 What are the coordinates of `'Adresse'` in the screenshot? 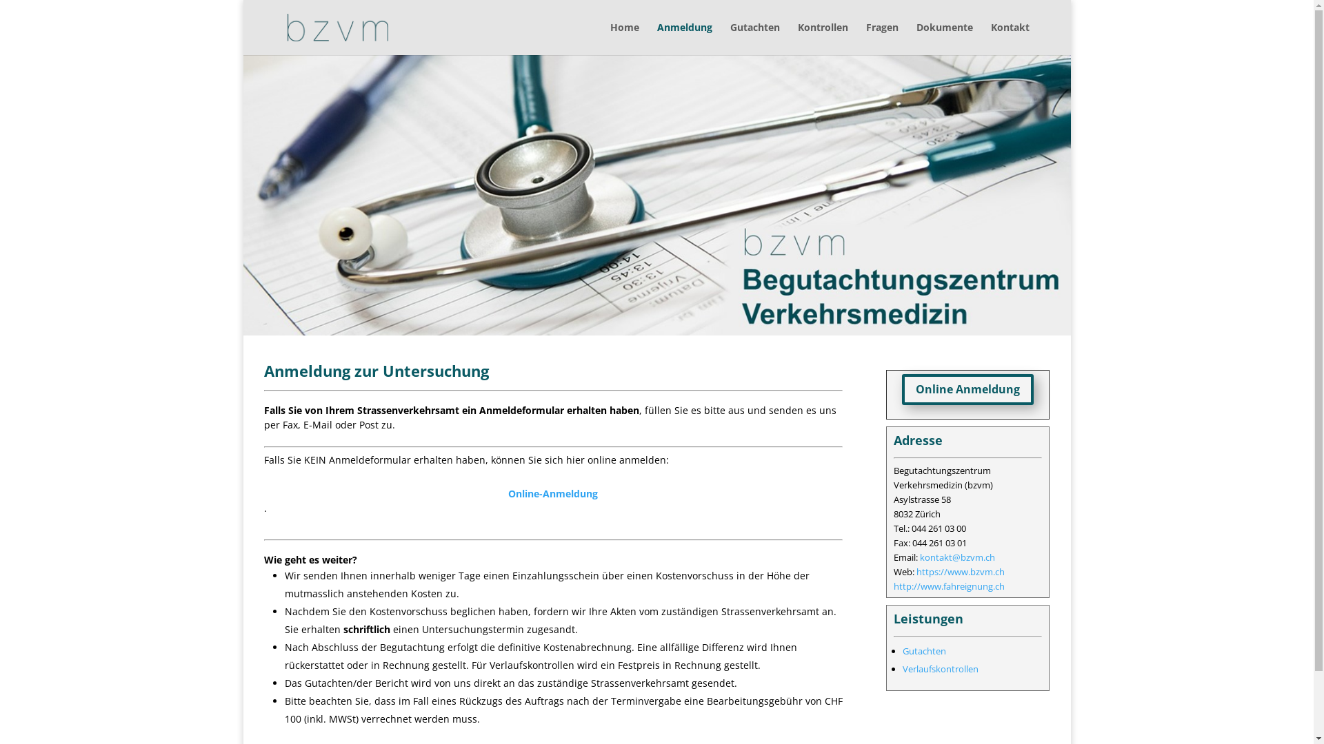 It's located at (918, 440).